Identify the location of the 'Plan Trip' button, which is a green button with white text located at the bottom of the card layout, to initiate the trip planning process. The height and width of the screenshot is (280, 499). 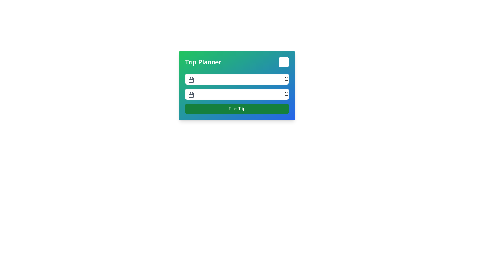
(237, 109).